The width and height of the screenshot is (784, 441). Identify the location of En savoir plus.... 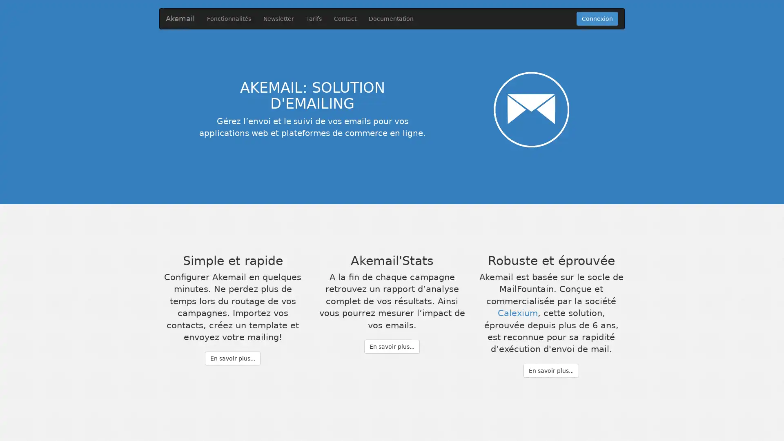
(551, 370).